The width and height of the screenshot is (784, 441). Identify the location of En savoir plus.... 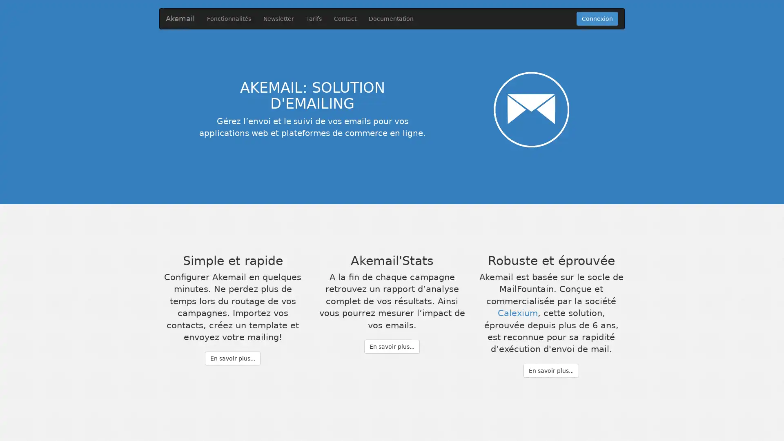
(551, 370).